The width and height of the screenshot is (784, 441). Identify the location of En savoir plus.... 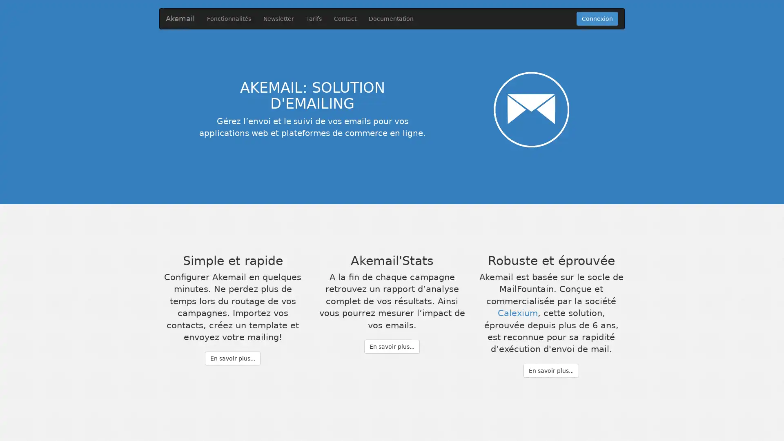
(551, 370).